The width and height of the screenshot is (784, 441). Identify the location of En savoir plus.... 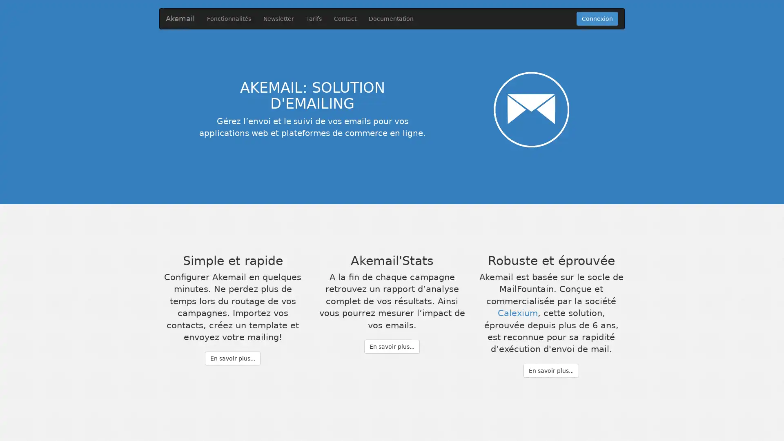
(551, 370).